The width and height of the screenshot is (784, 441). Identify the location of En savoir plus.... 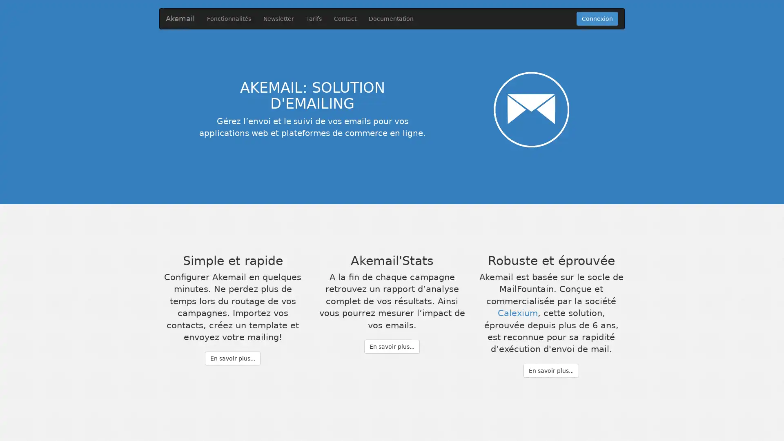
(551, 370).